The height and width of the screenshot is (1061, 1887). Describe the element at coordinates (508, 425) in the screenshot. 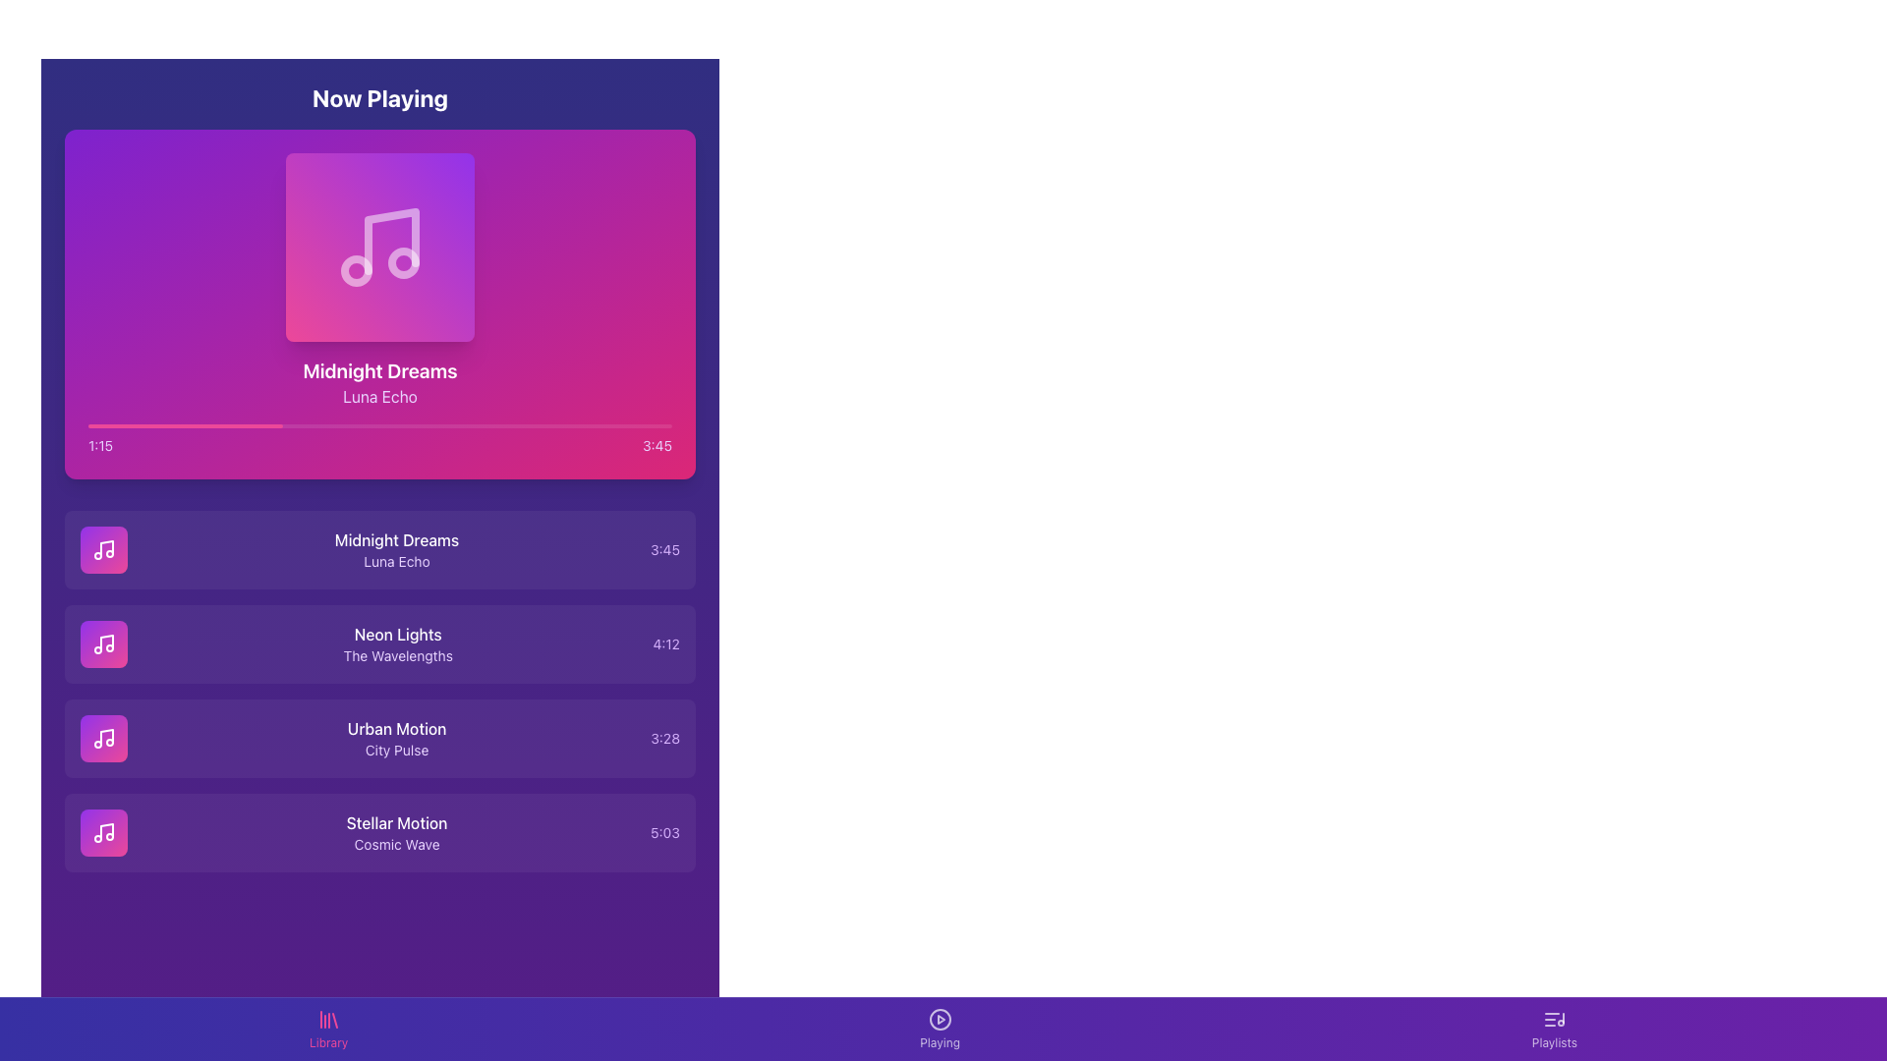

I see `the slider` at that location.